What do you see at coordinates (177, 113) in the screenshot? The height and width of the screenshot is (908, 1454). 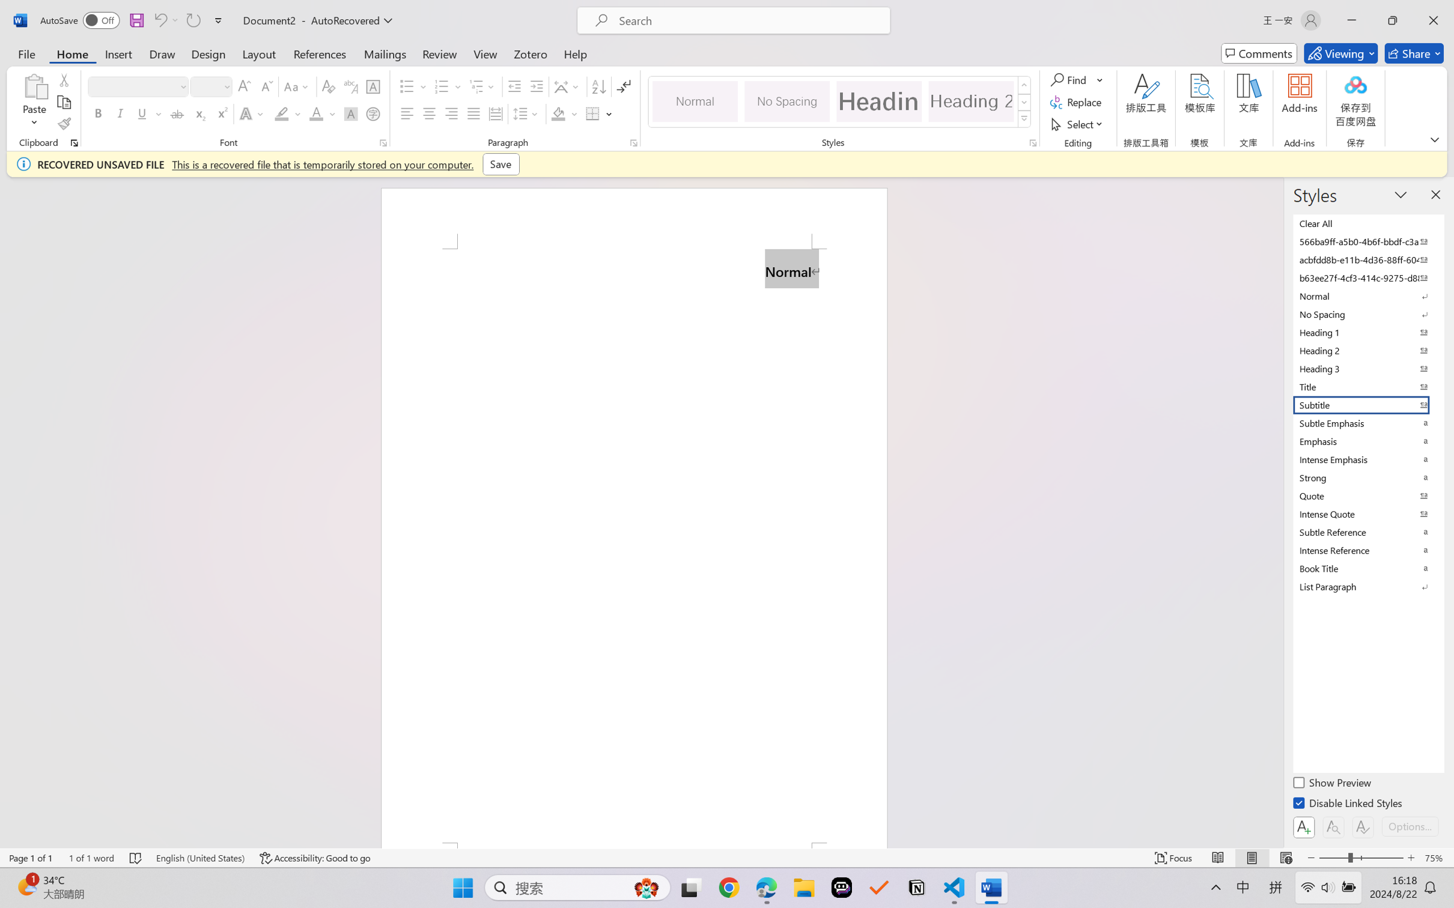 I see `'Strikethrough'` at bounding box center [177, 113].